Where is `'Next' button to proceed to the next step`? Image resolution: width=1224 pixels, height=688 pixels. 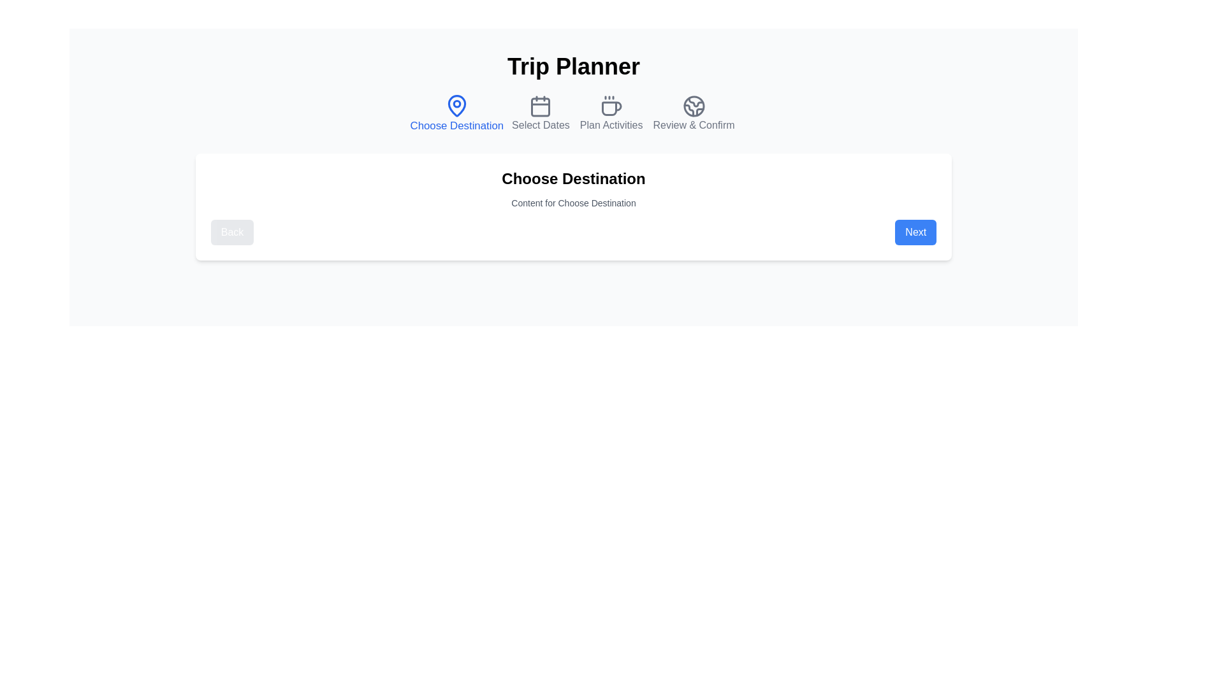 'Next' button to proceed to the next step is located at coordinates (915, 233).